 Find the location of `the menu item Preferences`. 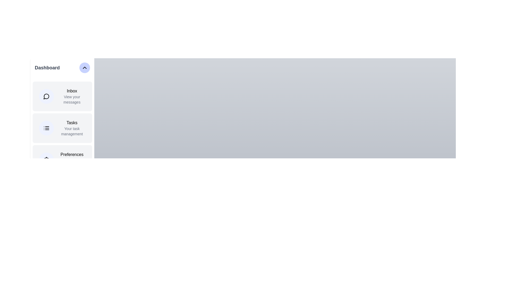

the menu item Preferences is located at coordinates (62, 160).